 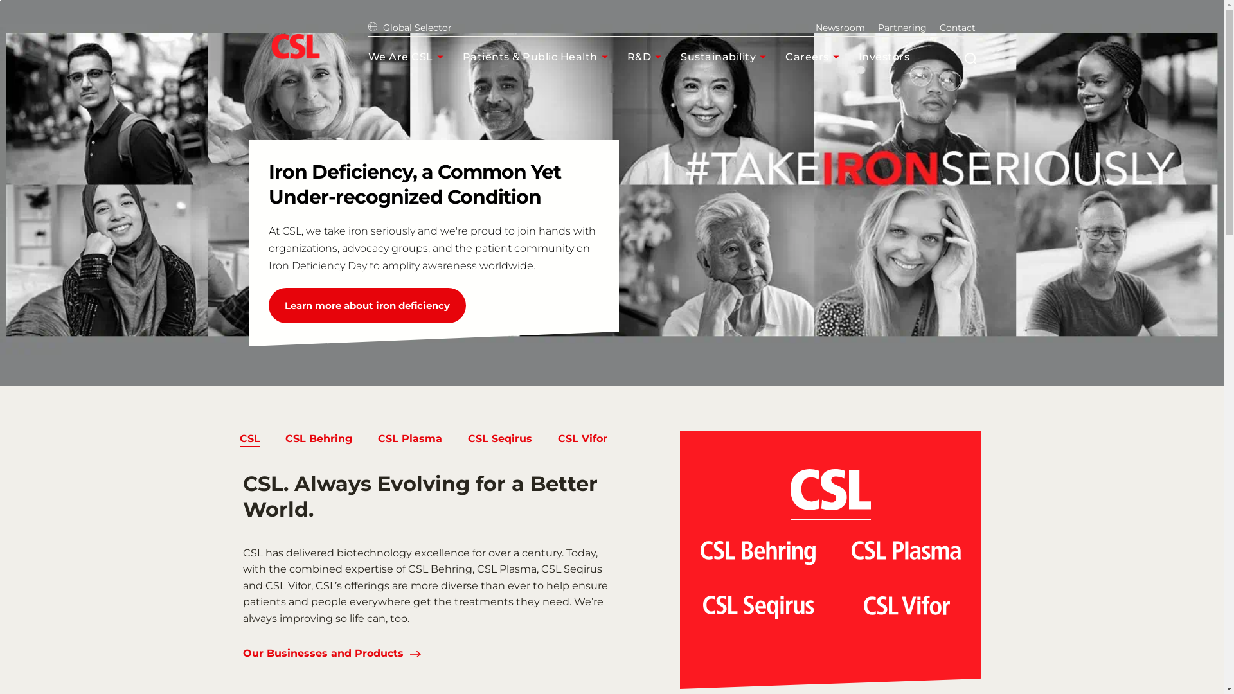 What do you see at coordinates (409, 27) in the screenshot?
I see `'Global Selector'` at bounding box center [409, 27].